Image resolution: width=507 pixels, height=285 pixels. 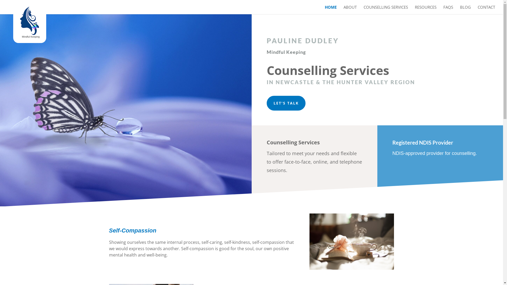 What do you see at coordinates (286, 103) in the screenshot?
I see `'LET'S TALK'` at bounding box center [286, 103].